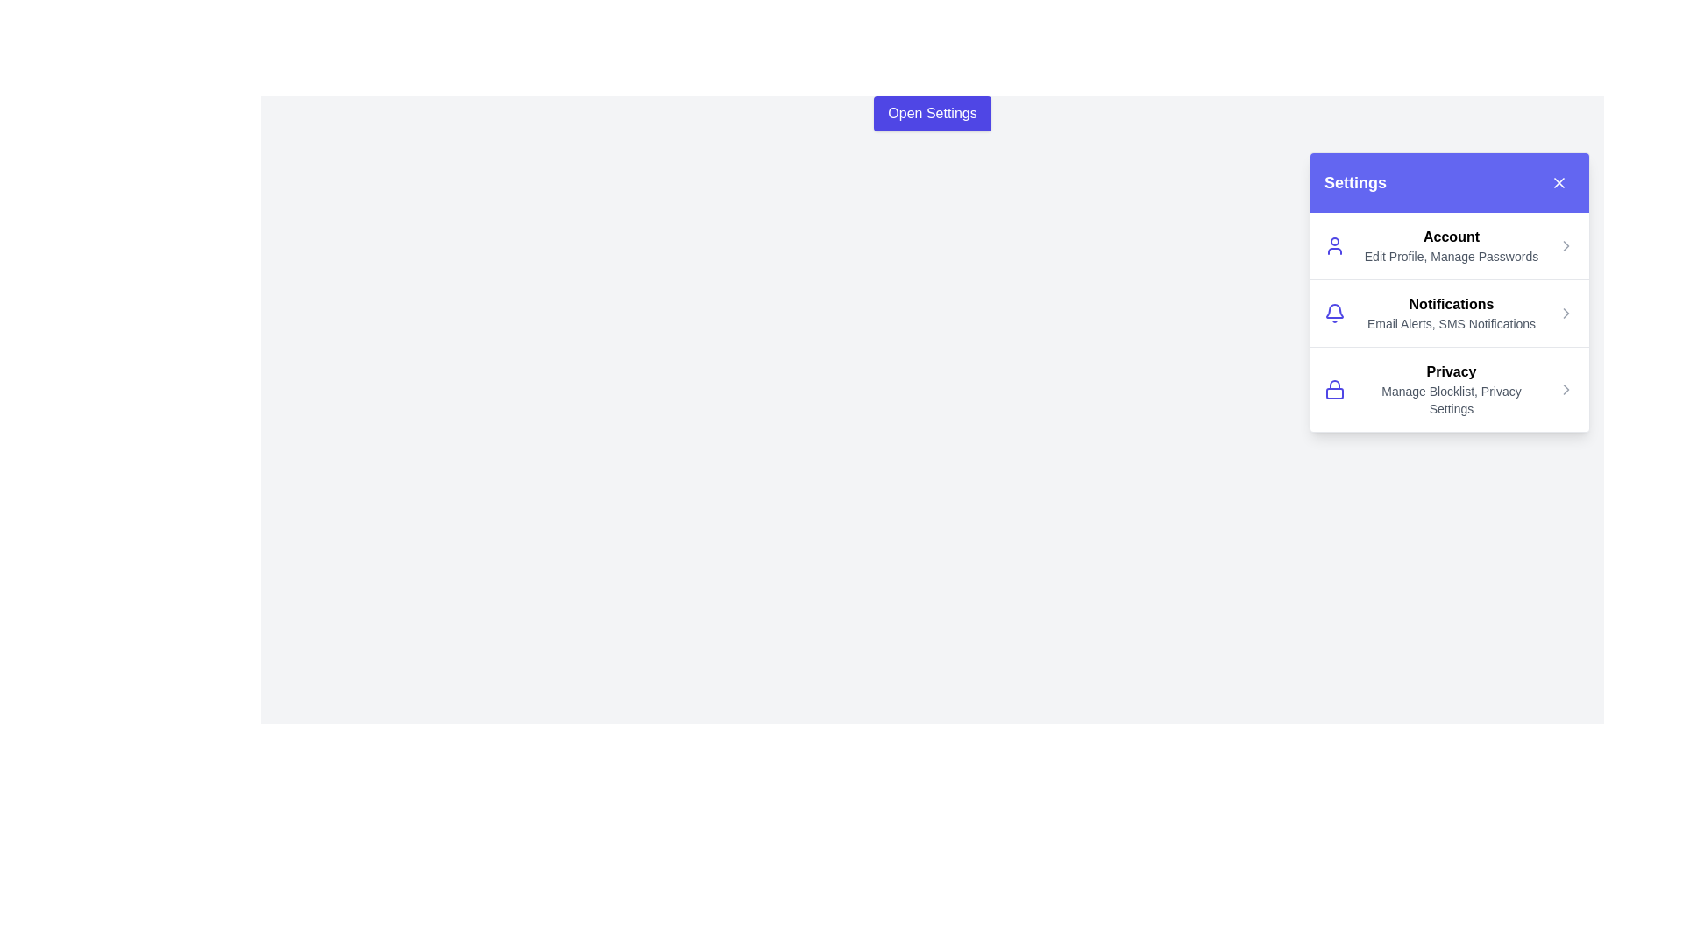 Image resolution: width=1683 pixels, height=946 pixels. I want to click on the text label that reads 'Edit Profile, Manage Passwords', which is styled in a small gray font and located below the 'Account' label in the settings panel, so click(1452, 257).